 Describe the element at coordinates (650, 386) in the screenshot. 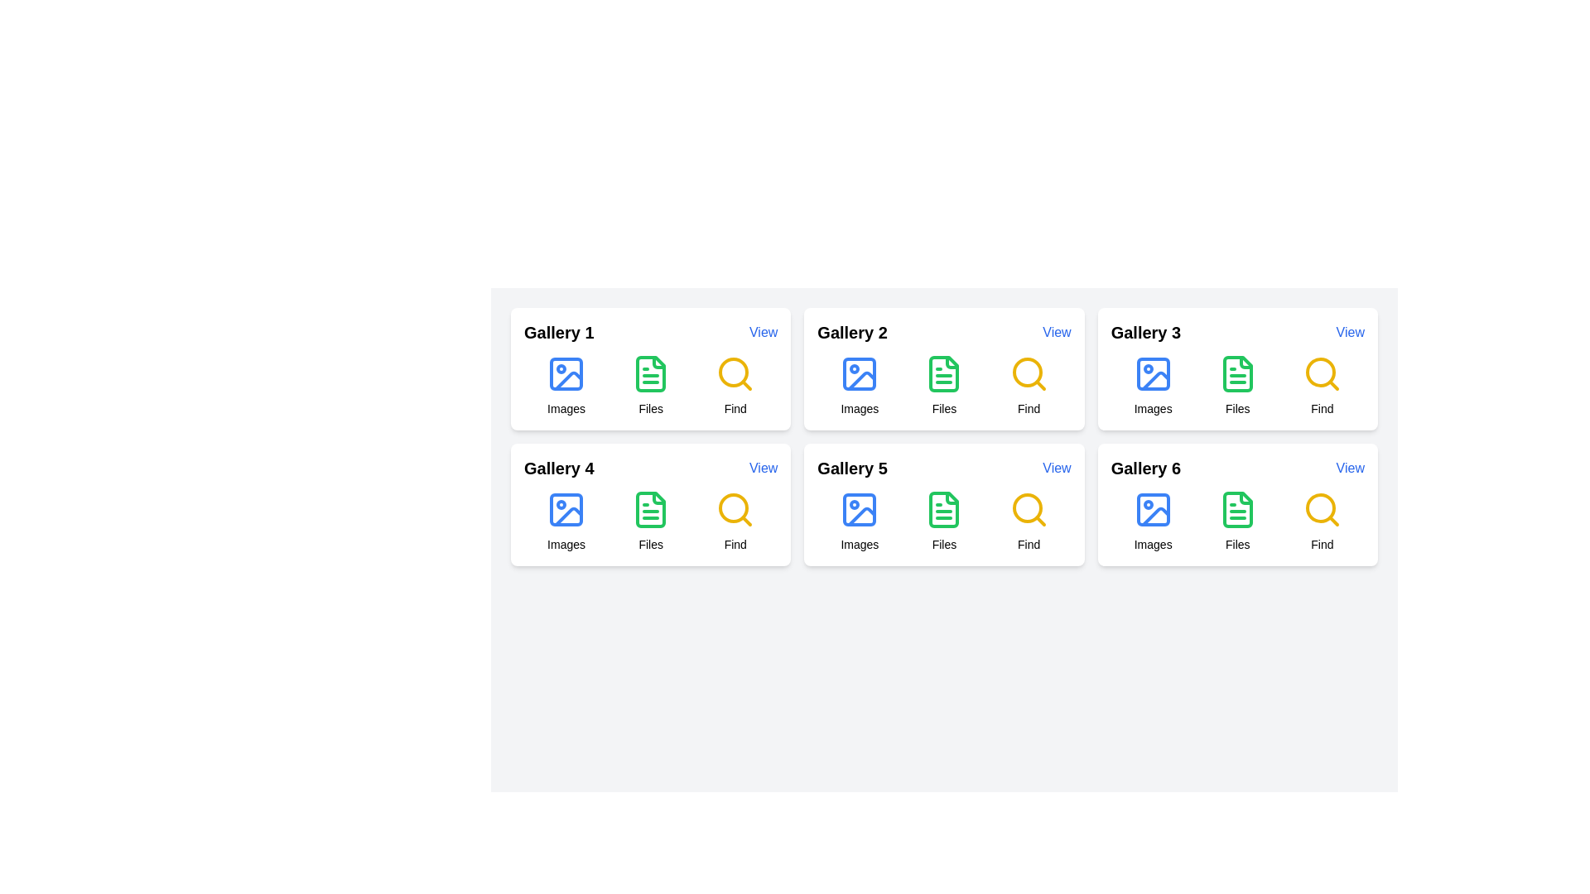

I see `the second selectable icon with label in the 'Gallery 1' section` at that location.